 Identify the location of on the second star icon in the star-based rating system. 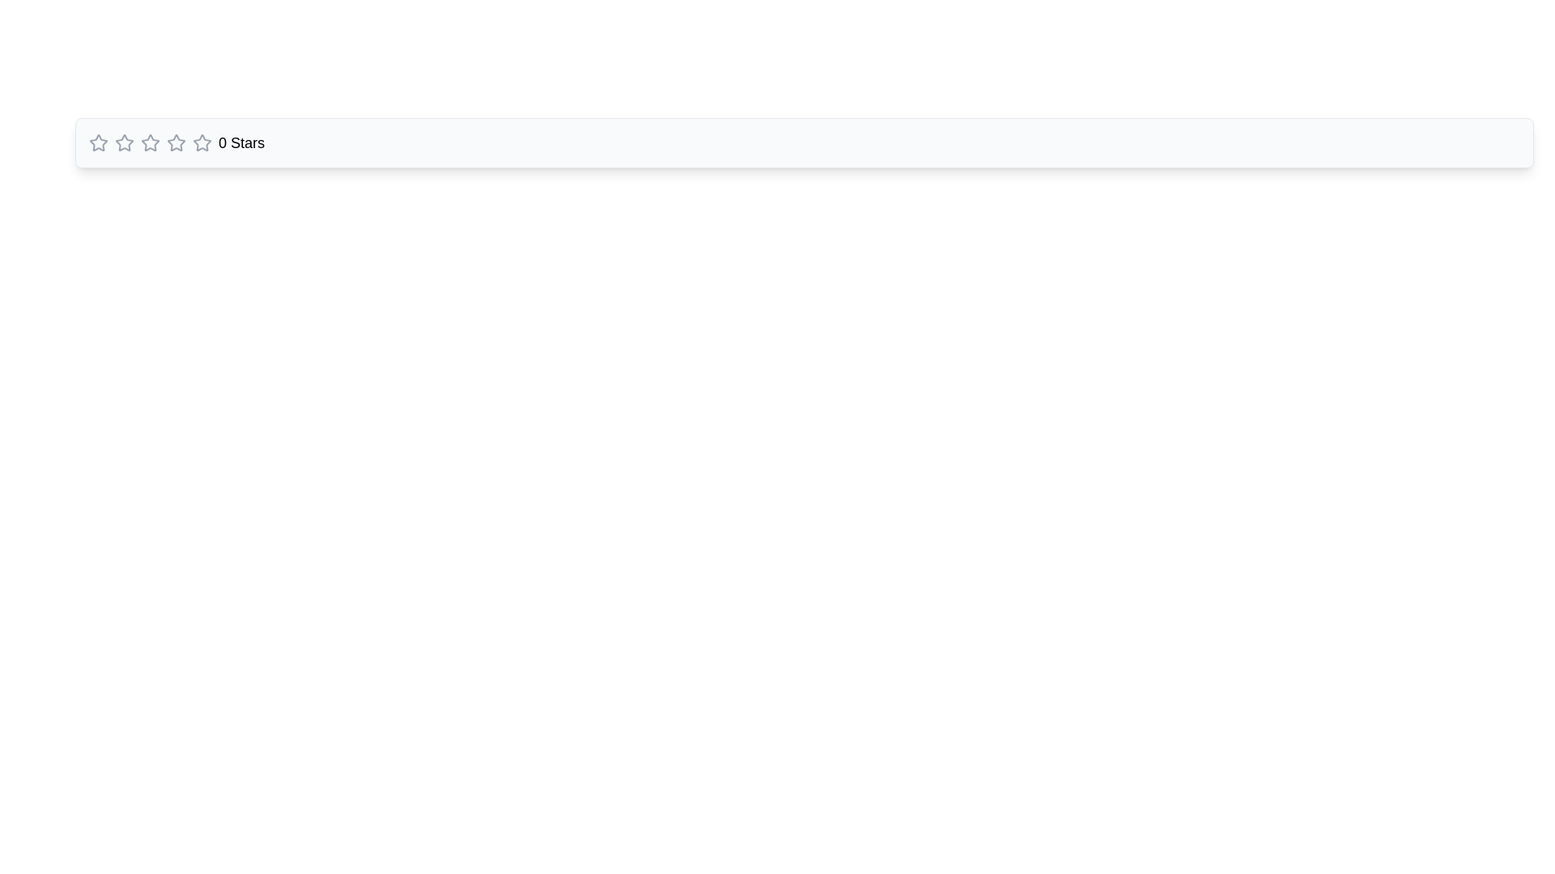
(201, 142).